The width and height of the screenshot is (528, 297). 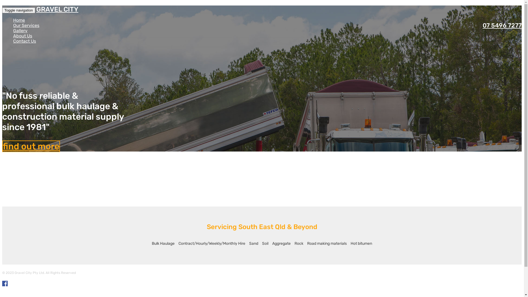 I want to click on 'Contact Us', so click(x=13, y=41).